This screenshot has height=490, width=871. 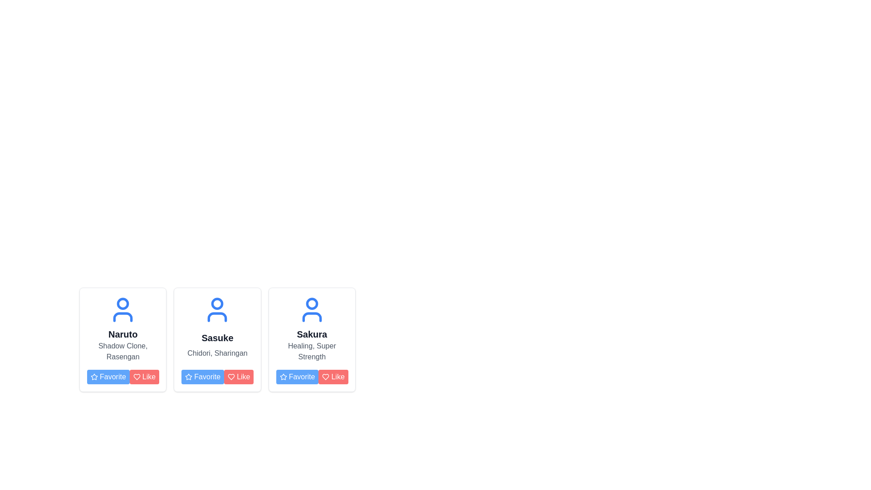 I want to click on the decorative icon part of the user avatar located in the middle card of the horizontally aligned group of three cards, so click(x=217, y=316).